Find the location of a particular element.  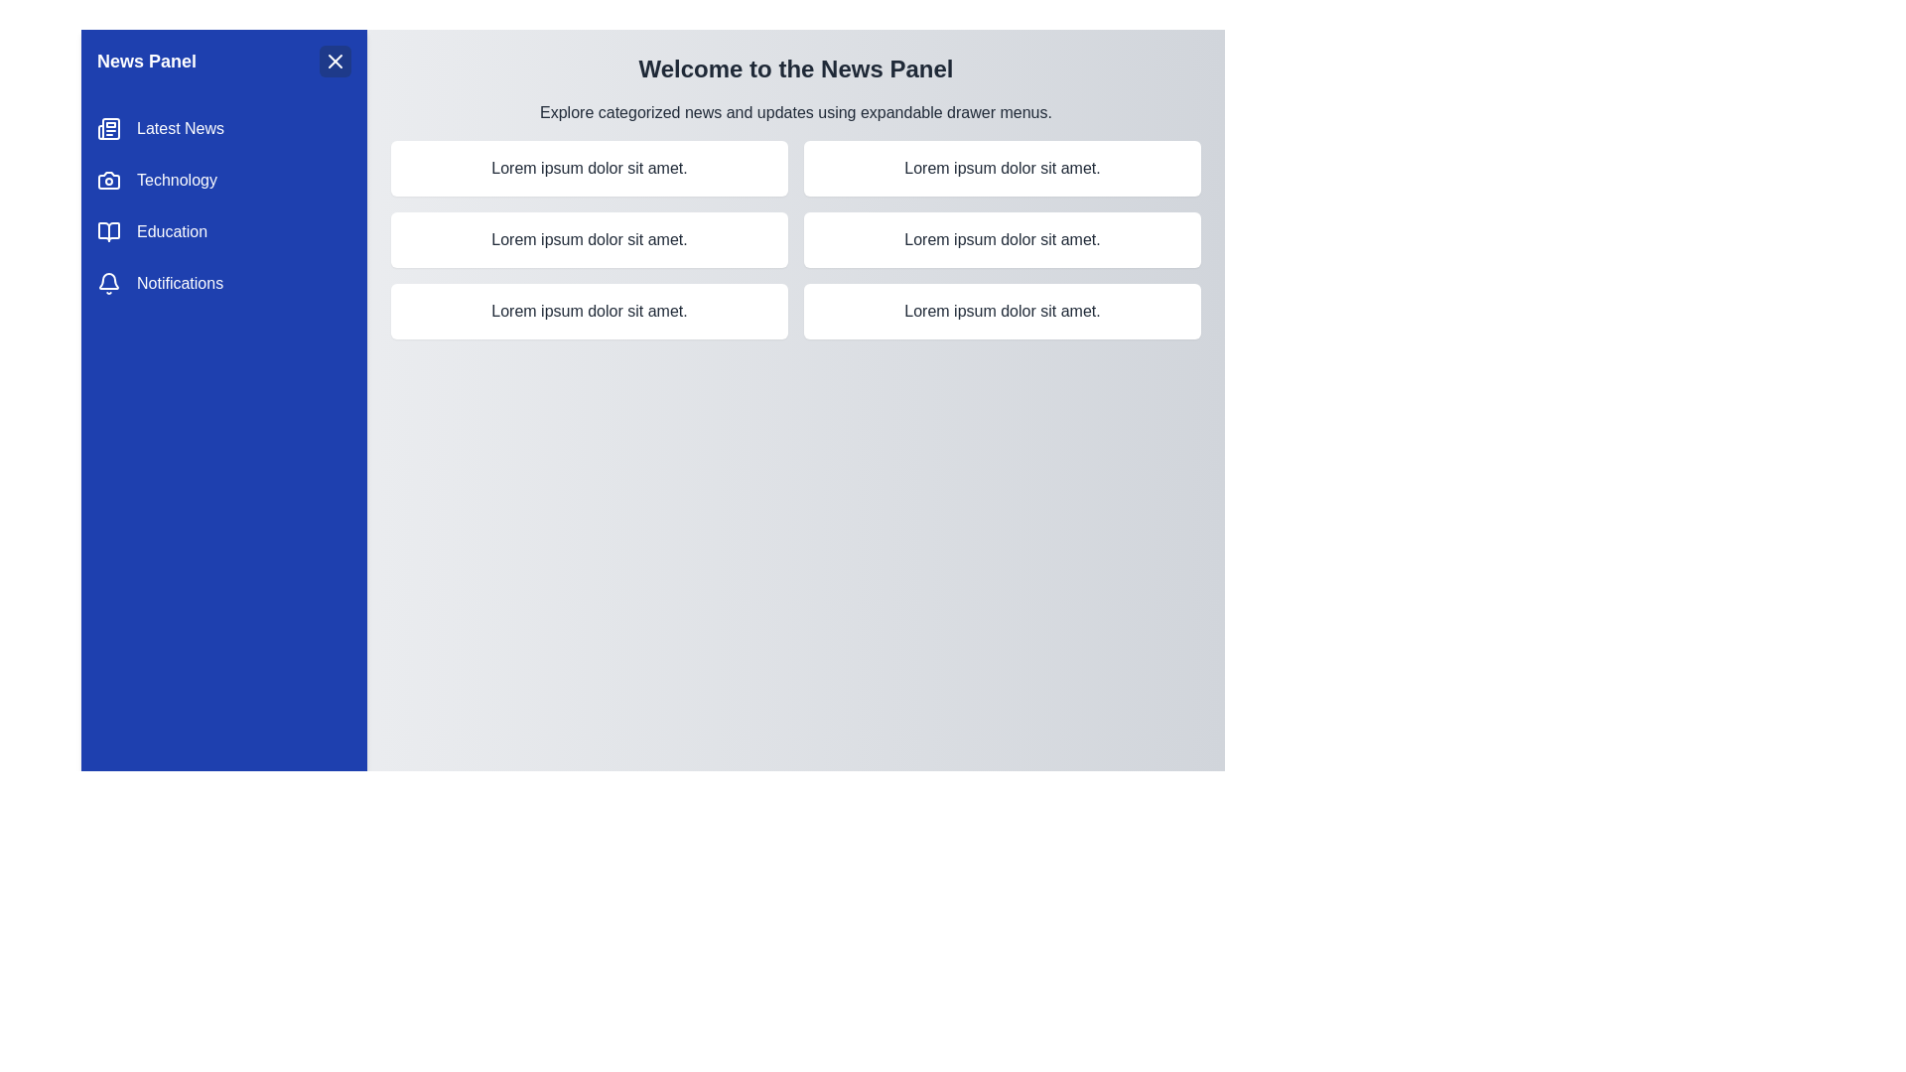

toggle button to open or close the drawer is located at coordinates (335, 60).